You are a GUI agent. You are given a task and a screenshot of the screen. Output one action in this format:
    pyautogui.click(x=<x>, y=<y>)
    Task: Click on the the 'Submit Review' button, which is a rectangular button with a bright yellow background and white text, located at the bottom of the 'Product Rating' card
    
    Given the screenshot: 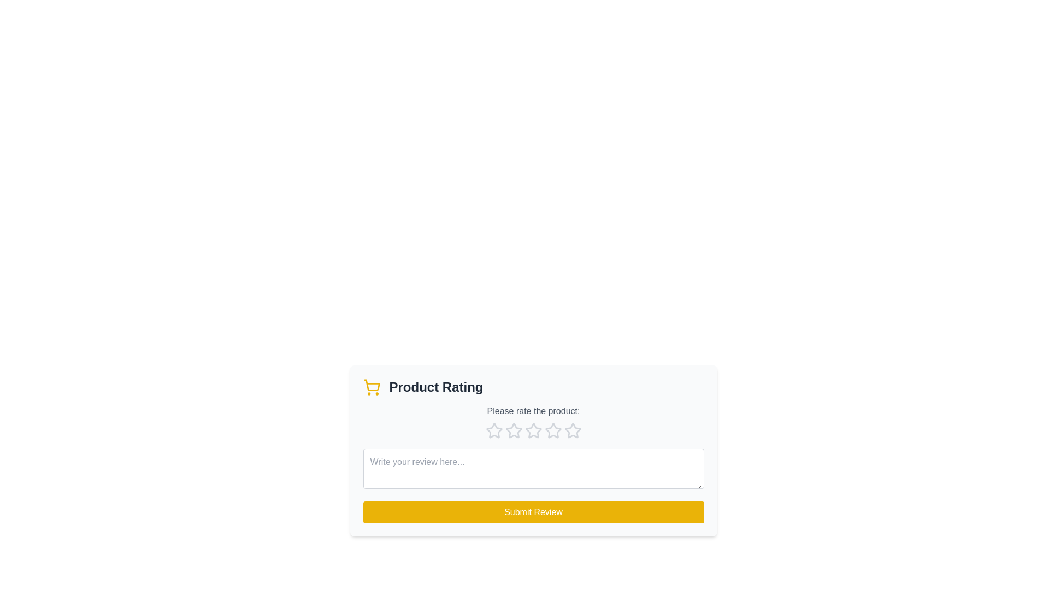 What is the action you would take?
    pyautogui.click(x=533, y=512)
    